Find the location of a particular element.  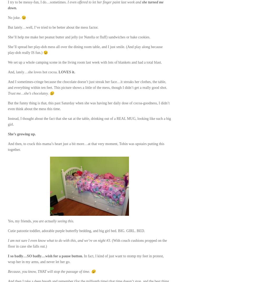

'And then, to crack this mama’s heart just a bit more…at that very moment, Tobin was upstairs putting this together.' is located at coordinates (8, 147).